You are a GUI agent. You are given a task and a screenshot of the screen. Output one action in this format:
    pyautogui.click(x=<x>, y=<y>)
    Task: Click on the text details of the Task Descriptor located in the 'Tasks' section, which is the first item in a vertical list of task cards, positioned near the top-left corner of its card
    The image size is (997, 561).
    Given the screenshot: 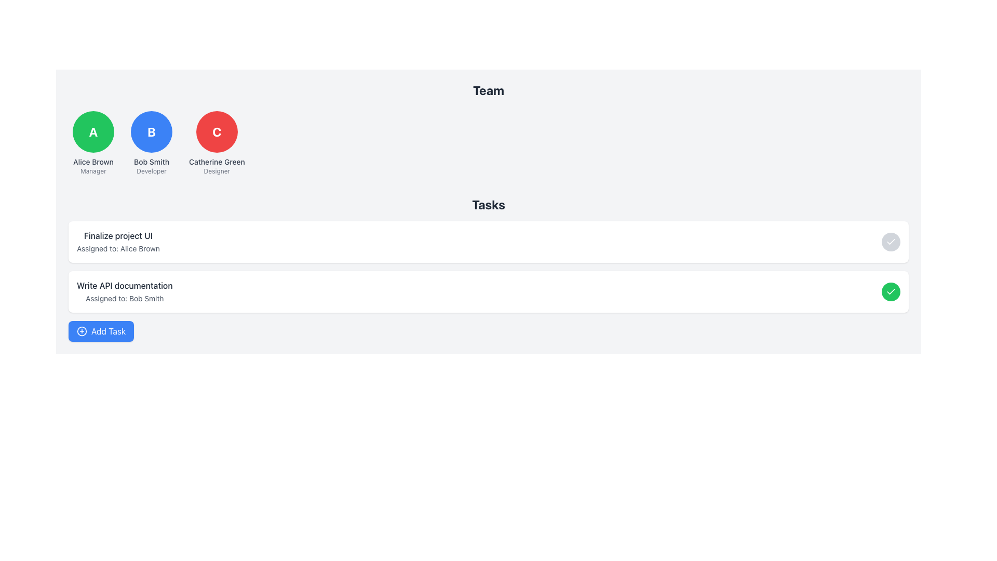 What is the action you would take?
    pyautogui.click(x=118, y=242)
    